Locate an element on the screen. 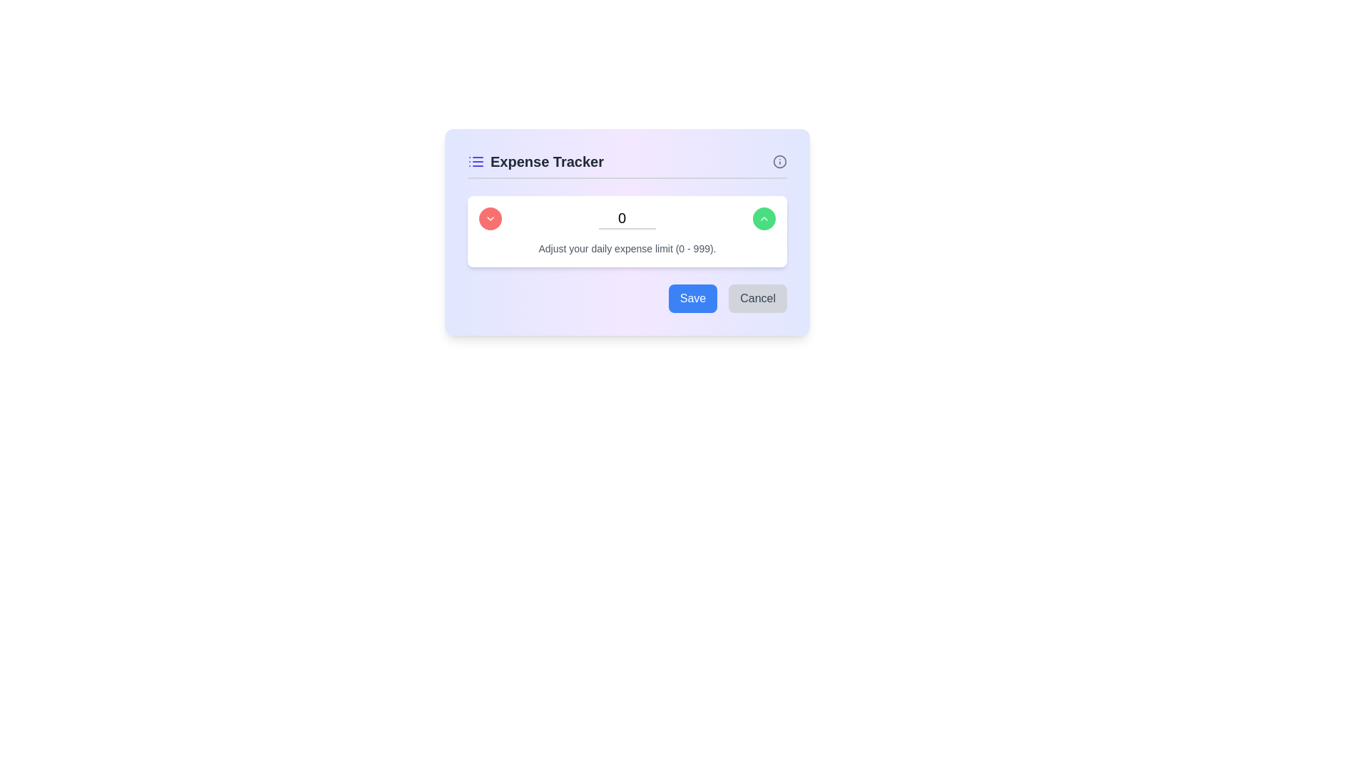 The width and height of the screenshot is (1369, 770). the small upward-pointing chevron icon located inside the green circular button to trigger the focus effect on the button is located at coordinates (763, 219).